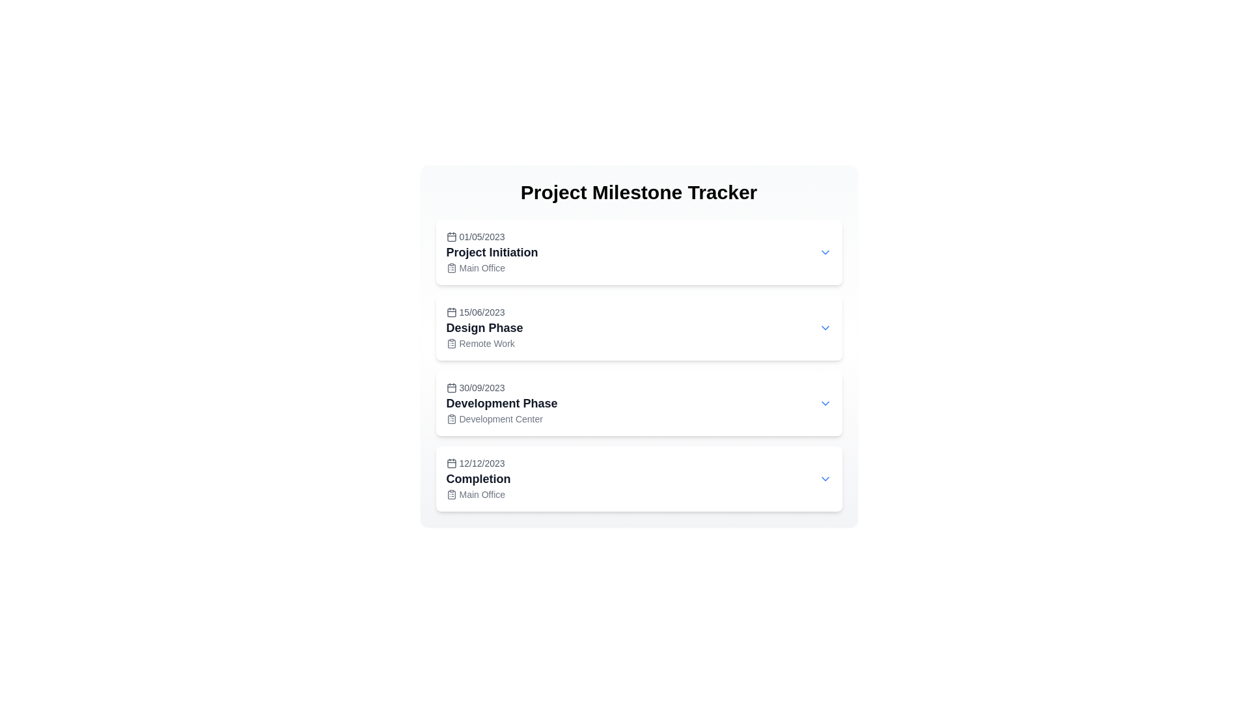 This screenshot has width=1250, height=703. I want to click on the clipboard icon located within the 'Development Phase' milestone item, which visually represents a clipboard and is slightly to the left of the milestone title, so click(451, 419).